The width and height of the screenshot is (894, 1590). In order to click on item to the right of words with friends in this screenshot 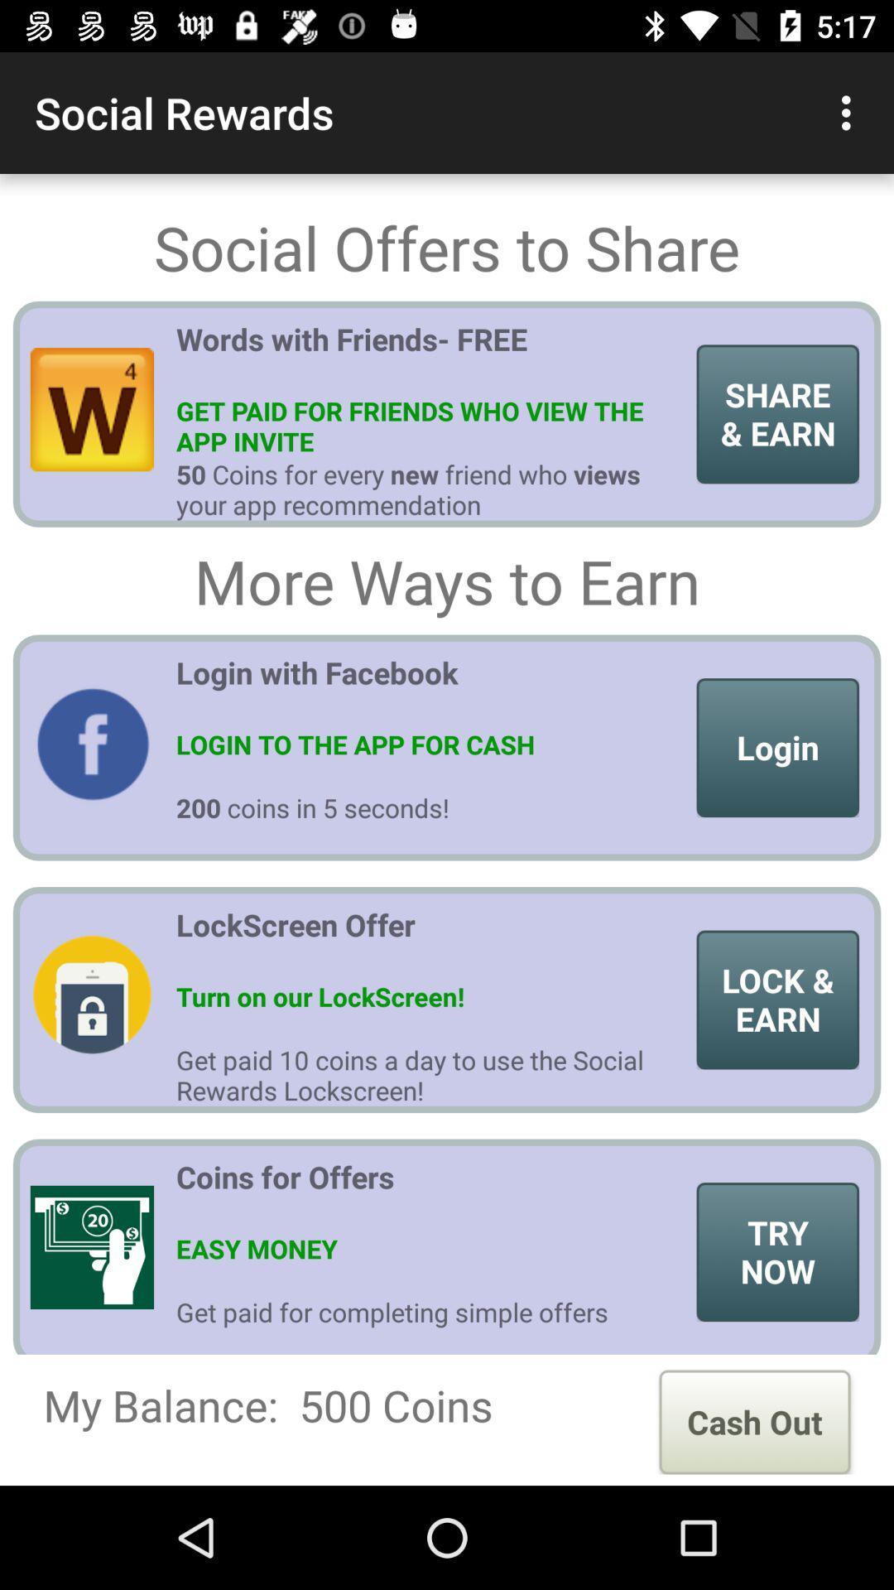, I will do `click(777, 414)`.